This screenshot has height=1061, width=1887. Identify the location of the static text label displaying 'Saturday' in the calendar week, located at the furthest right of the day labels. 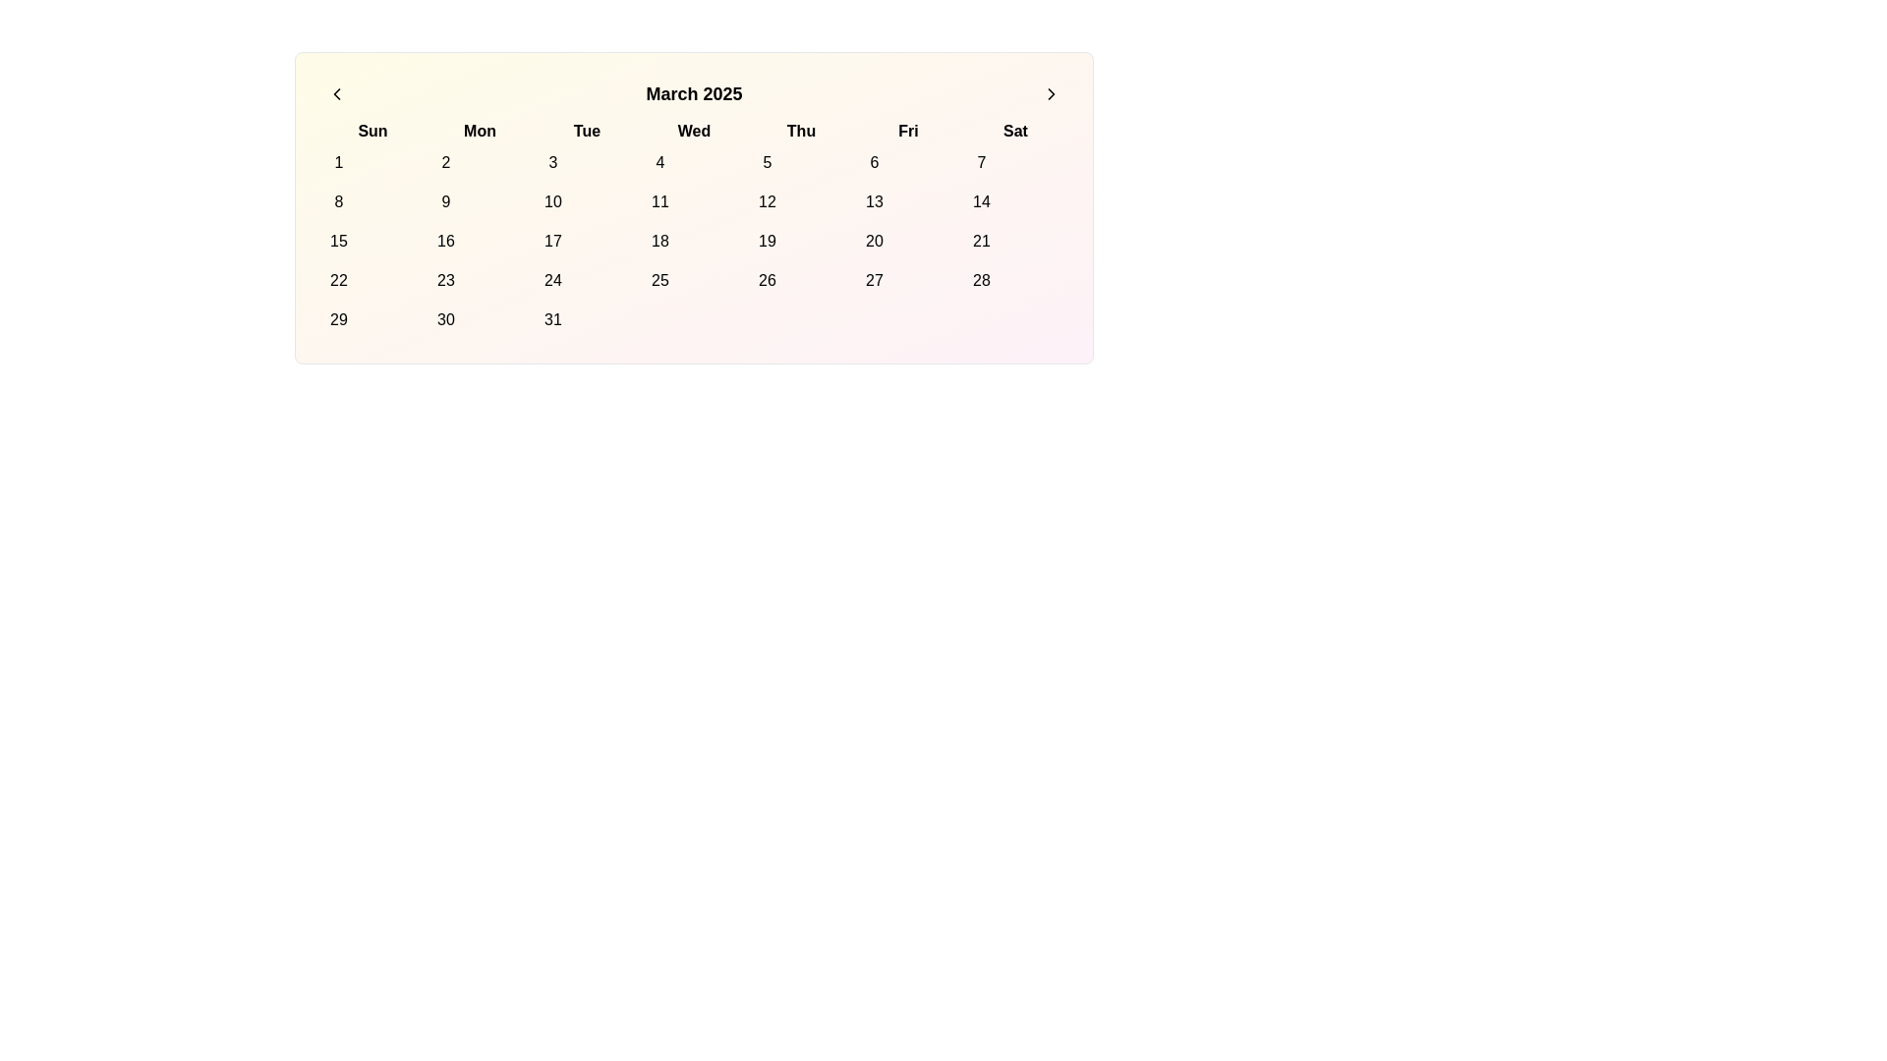
(1015, 132).